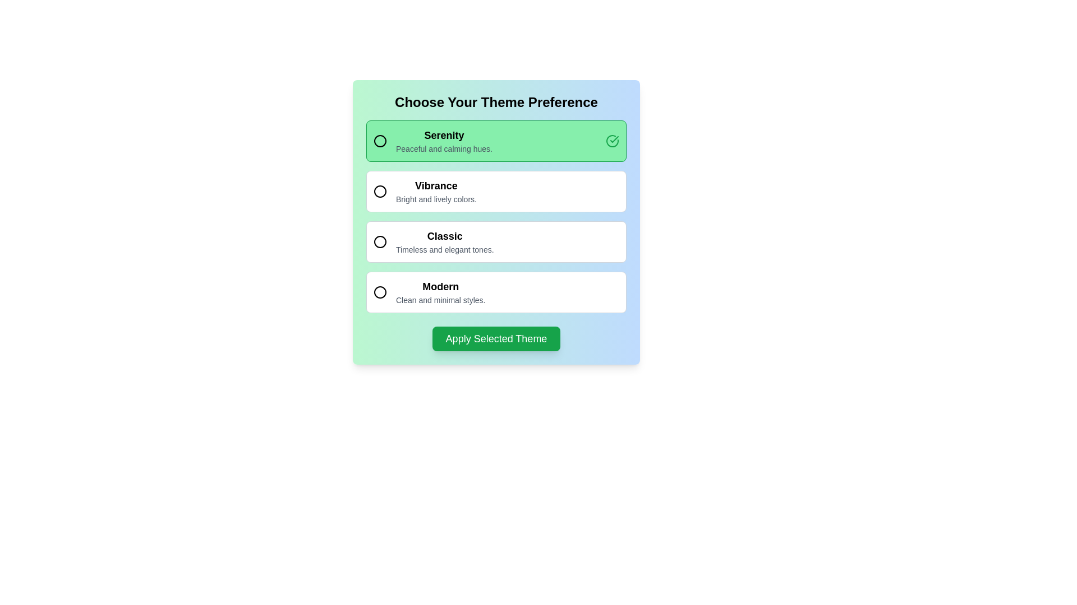 The image size is (1077, 605). I want to click on the 'Serenity' theme option text block, which provides a descriptive name and details for this specific theme under the heading 'Choose Your Theme Preference', so click(444, 140).